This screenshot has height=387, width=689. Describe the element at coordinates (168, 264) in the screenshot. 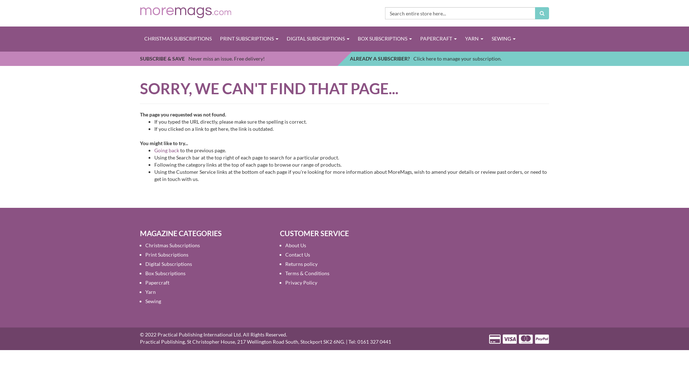

I see `'Digital Subscriptions'` at that location.